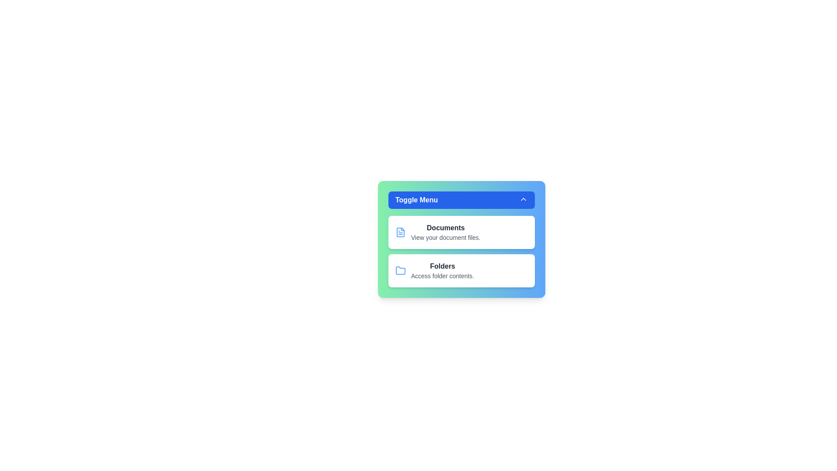  Describe the element at coordinates (400, 232) in the screenshot. I see `the icon next to the menu item Documents` at that location.